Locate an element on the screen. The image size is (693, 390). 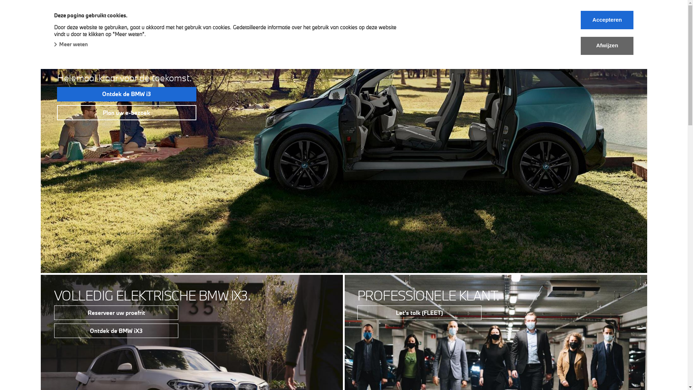
'Accepteren' is located at coordinates (606, 19).